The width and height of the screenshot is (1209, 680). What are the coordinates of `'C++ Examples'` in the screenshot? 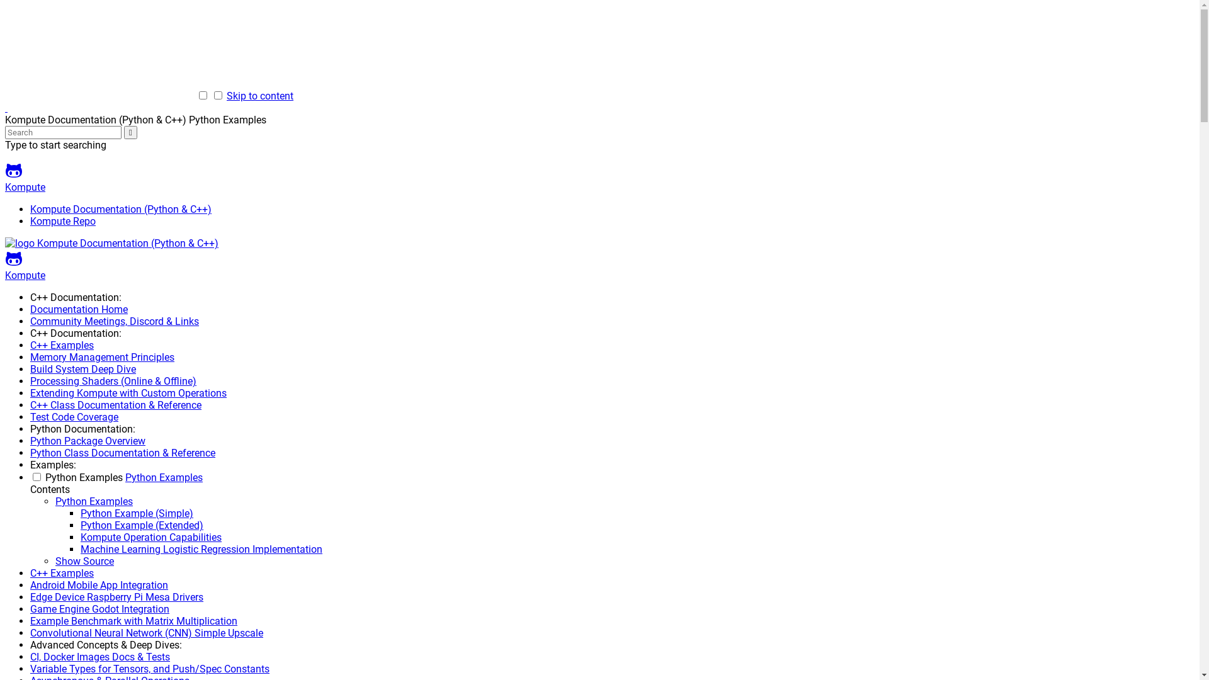 It's located at (61, 573).